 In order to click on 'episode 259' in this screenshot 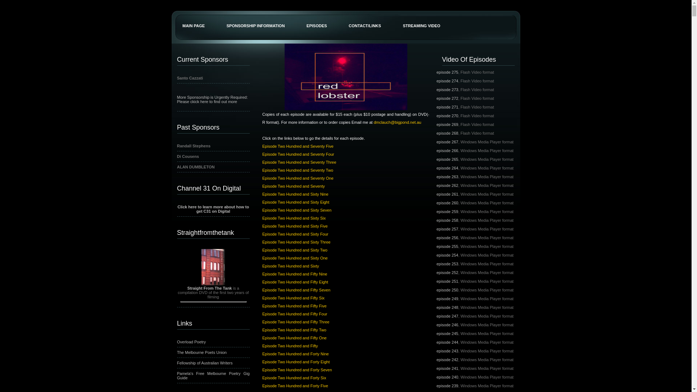, I will do `click(436, 211)`.